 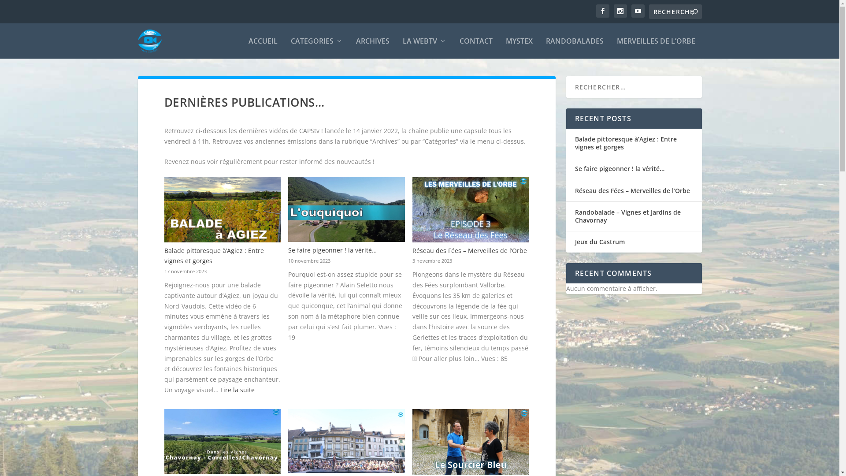 What do you see at coordinates (674, 11) in the screenshot?
I see `'Recherche pour :'` at bounding box center [674, 11].